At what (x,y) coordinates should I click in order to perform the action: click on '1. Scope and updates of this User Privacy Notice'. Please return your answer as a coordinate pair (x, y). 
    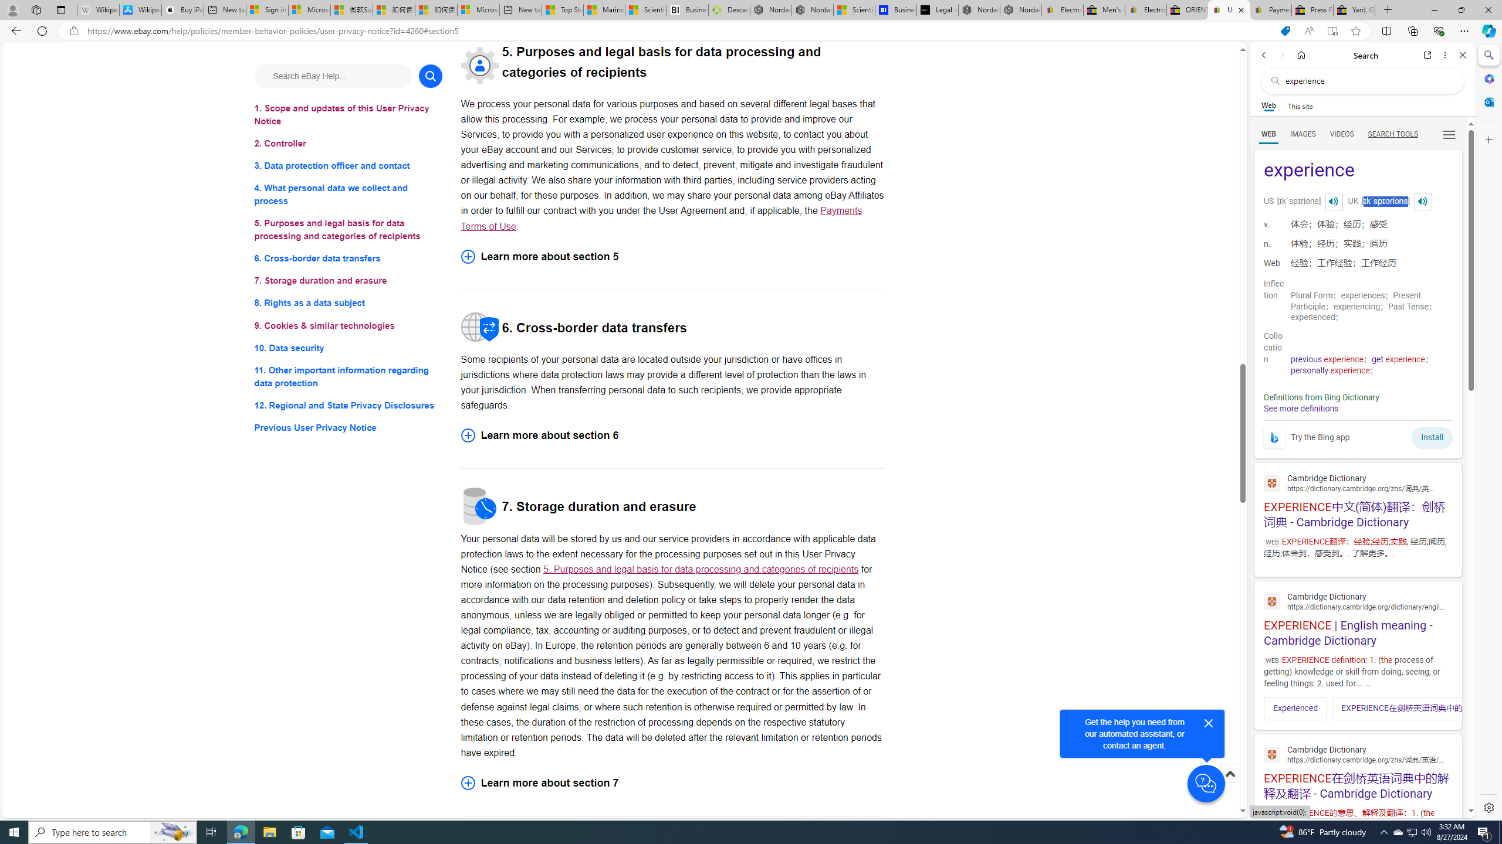
    Looking at the image, I should click on (347, 114).